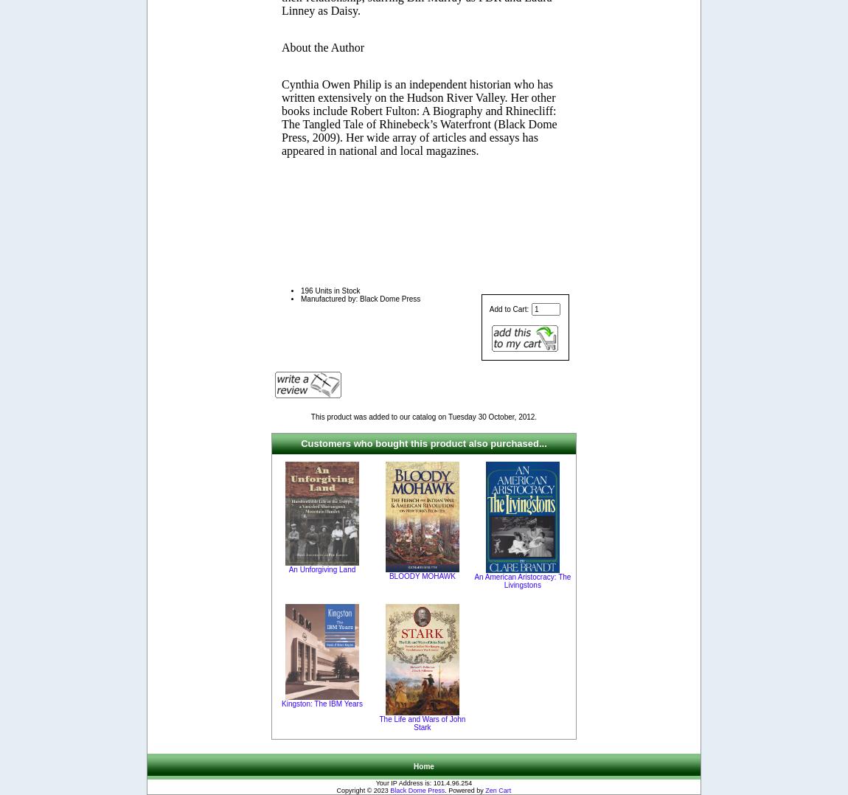 The image size is (848, 795). Describe the element at coordinates (323, 46) in the screenshot. I see `'About the Author'` at that location.